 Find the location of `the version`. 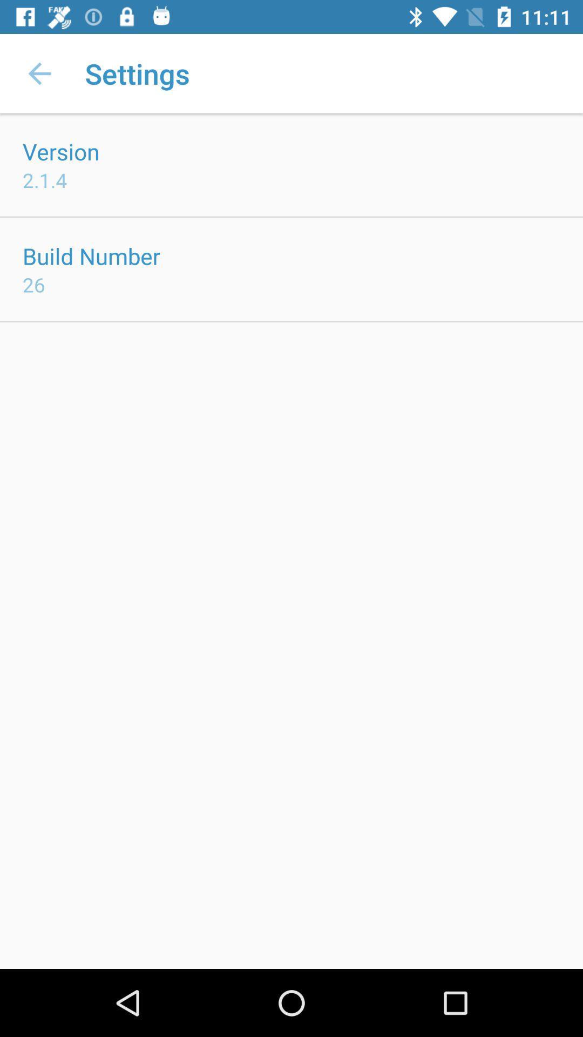

the version is located at coordinates (61, 151).